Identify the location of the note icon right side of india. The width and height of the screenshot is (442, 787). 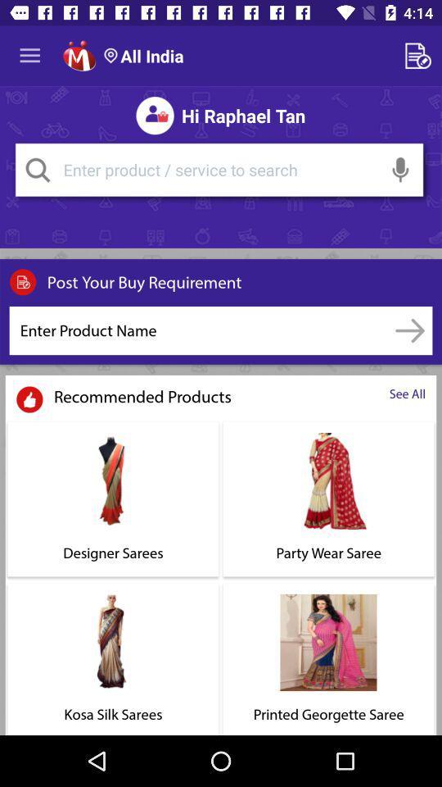
(421, 56).